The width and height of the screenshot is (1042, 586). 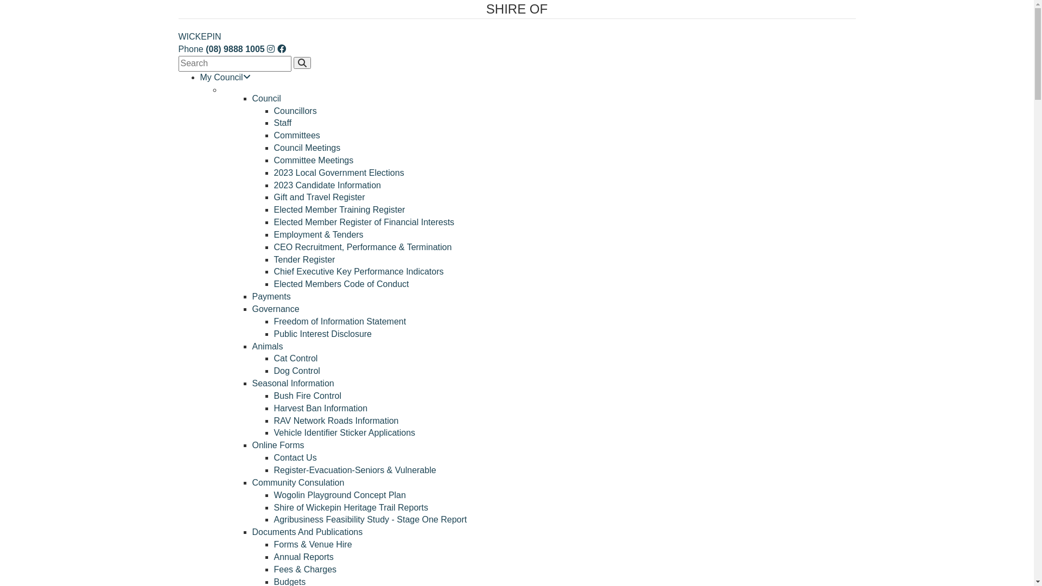 What do you see at coordinates (317, 234) in the screenshot?
I see `'Employment & Tenders'` at bounding box center [317, 234].